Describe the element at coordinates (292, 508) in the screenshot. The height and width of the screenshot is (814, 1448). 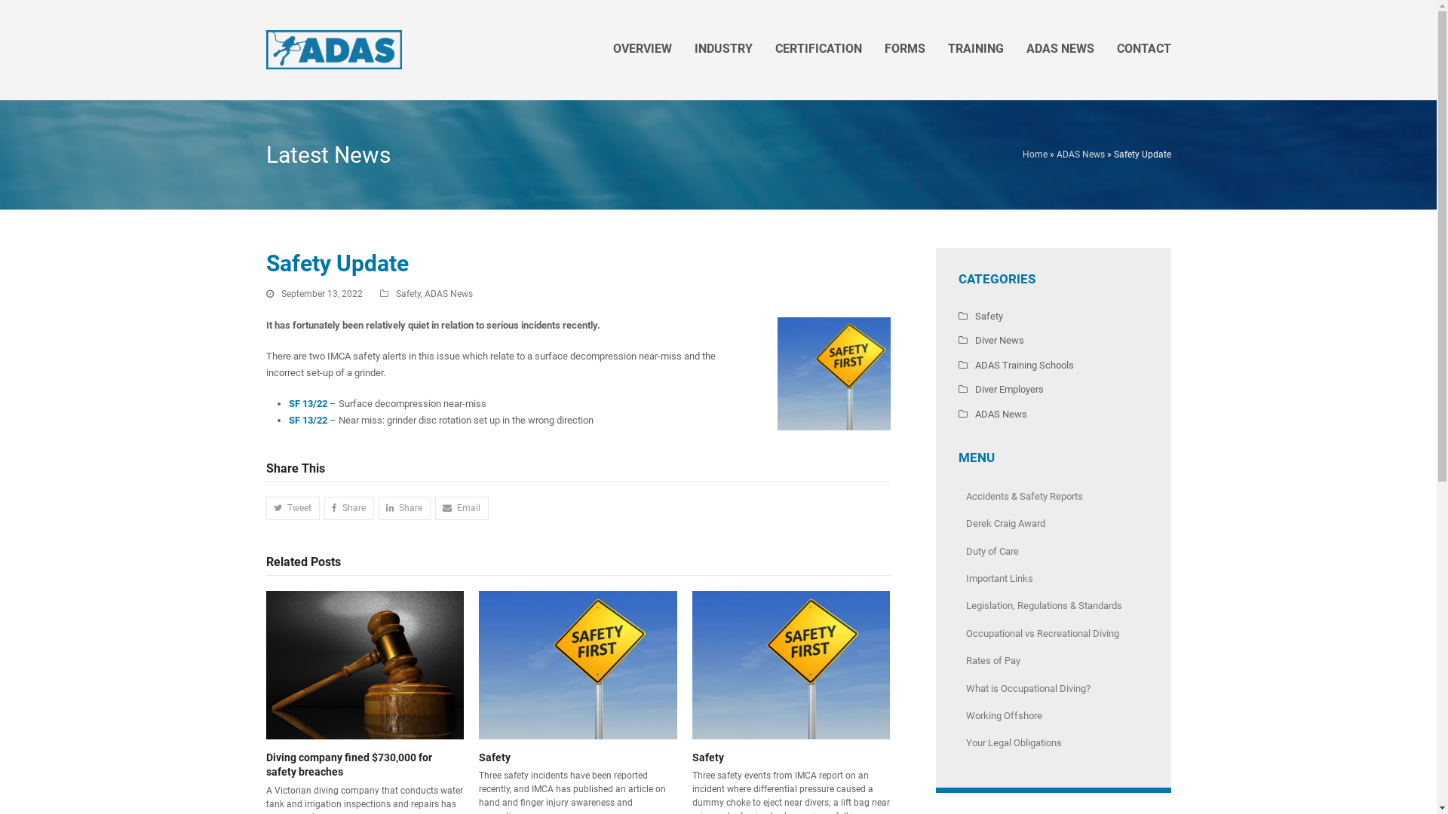
I see `'Tweet'` at that location.